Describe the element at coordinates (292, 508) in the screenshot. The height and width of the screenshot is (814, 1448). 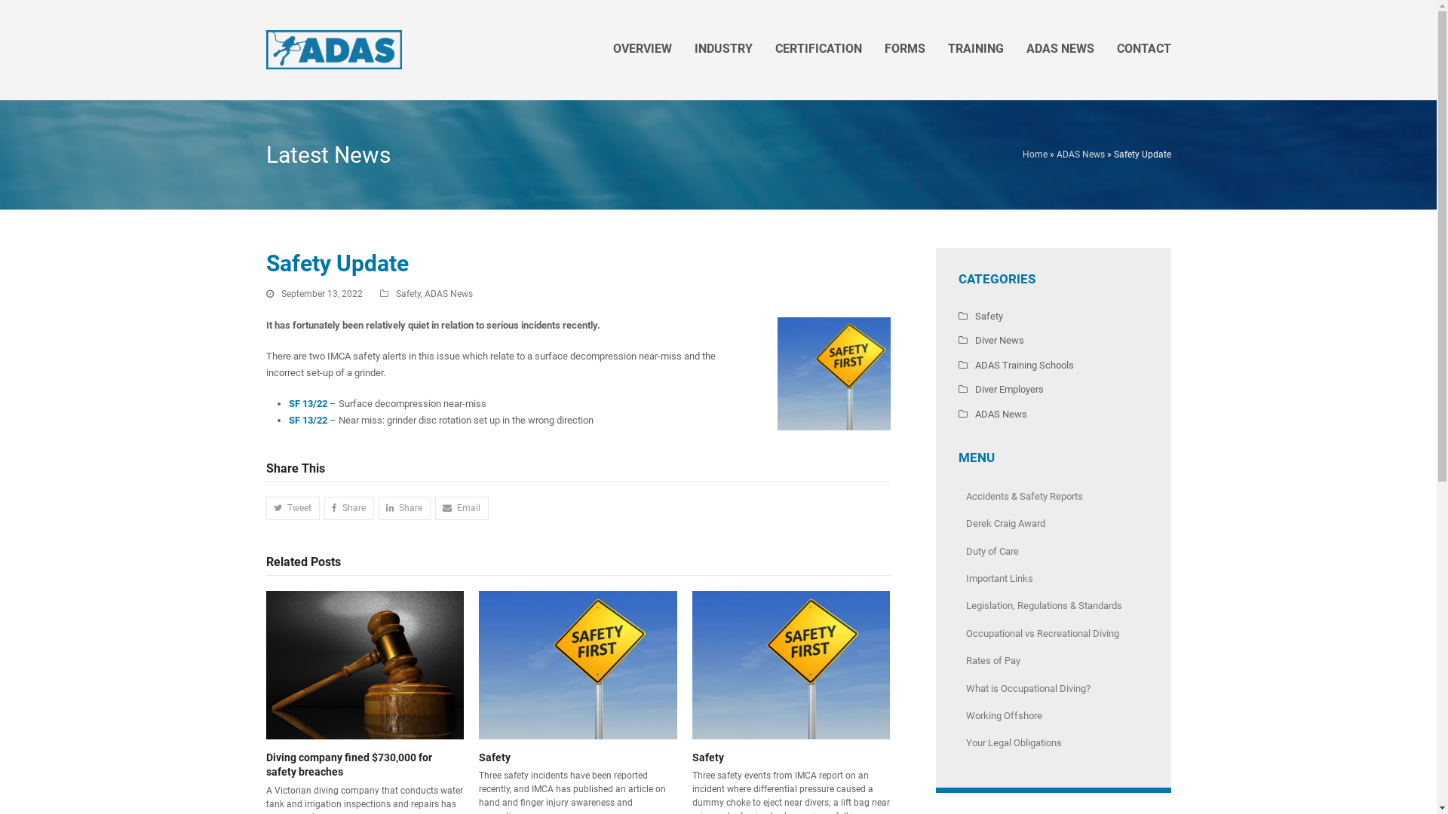
I see `'Tweet'` at that location.